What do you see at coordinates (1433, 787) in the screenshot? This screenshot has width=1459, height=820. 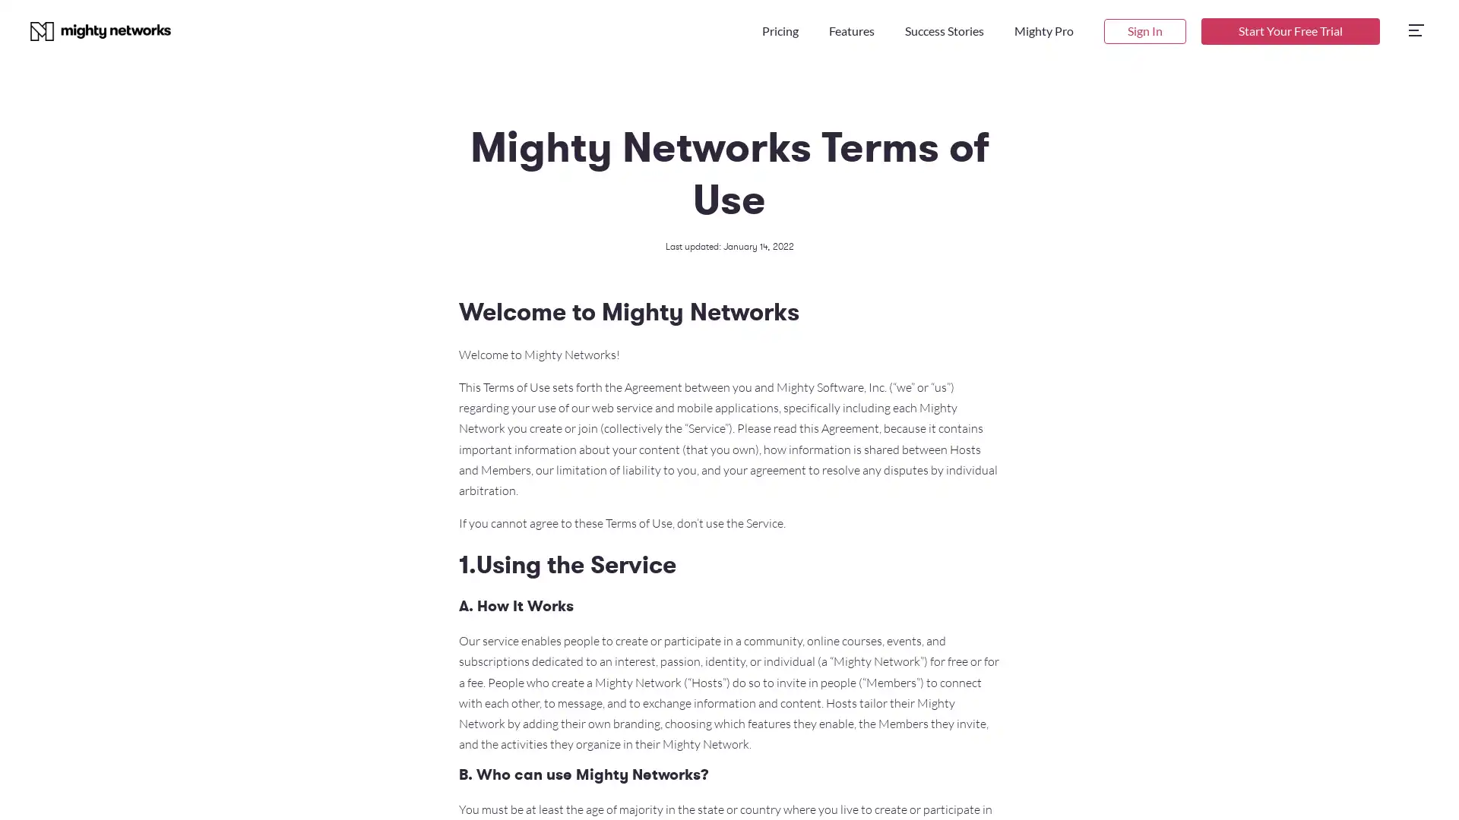 I see `Close` at bounding box center [1433, 787].